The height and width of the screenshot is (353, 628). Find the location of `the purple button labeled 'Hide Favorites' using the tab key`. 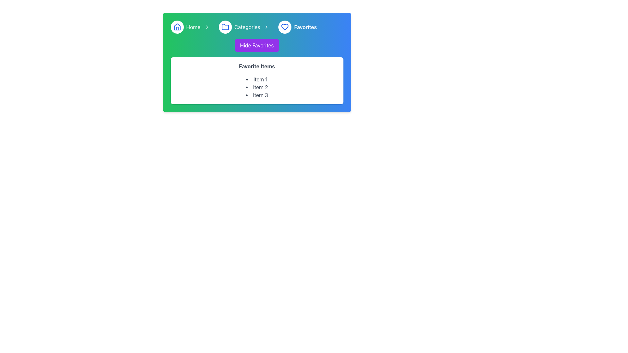

the purple button labeled 'Hide Favorites' using the tab key is located at coordinates (256, 45).